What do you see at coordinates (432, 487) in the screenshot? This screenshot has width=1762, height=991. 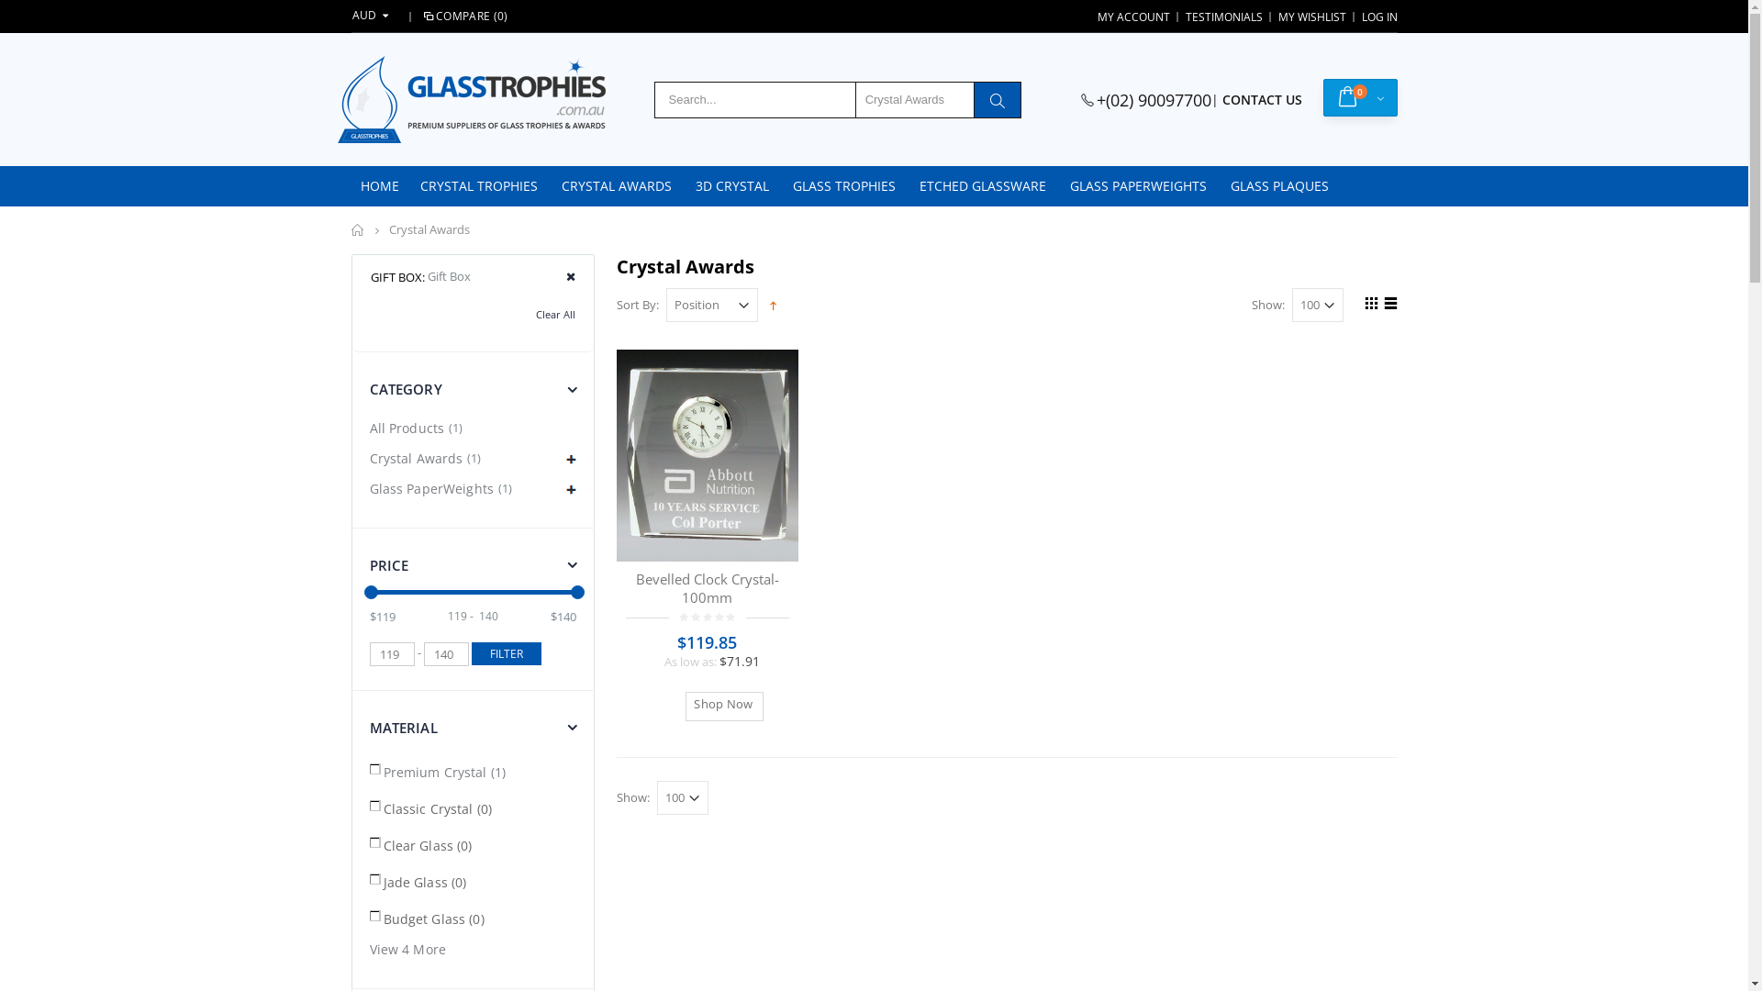 I see `'Glass PaperWeights'` at bounding box center [432, 487].